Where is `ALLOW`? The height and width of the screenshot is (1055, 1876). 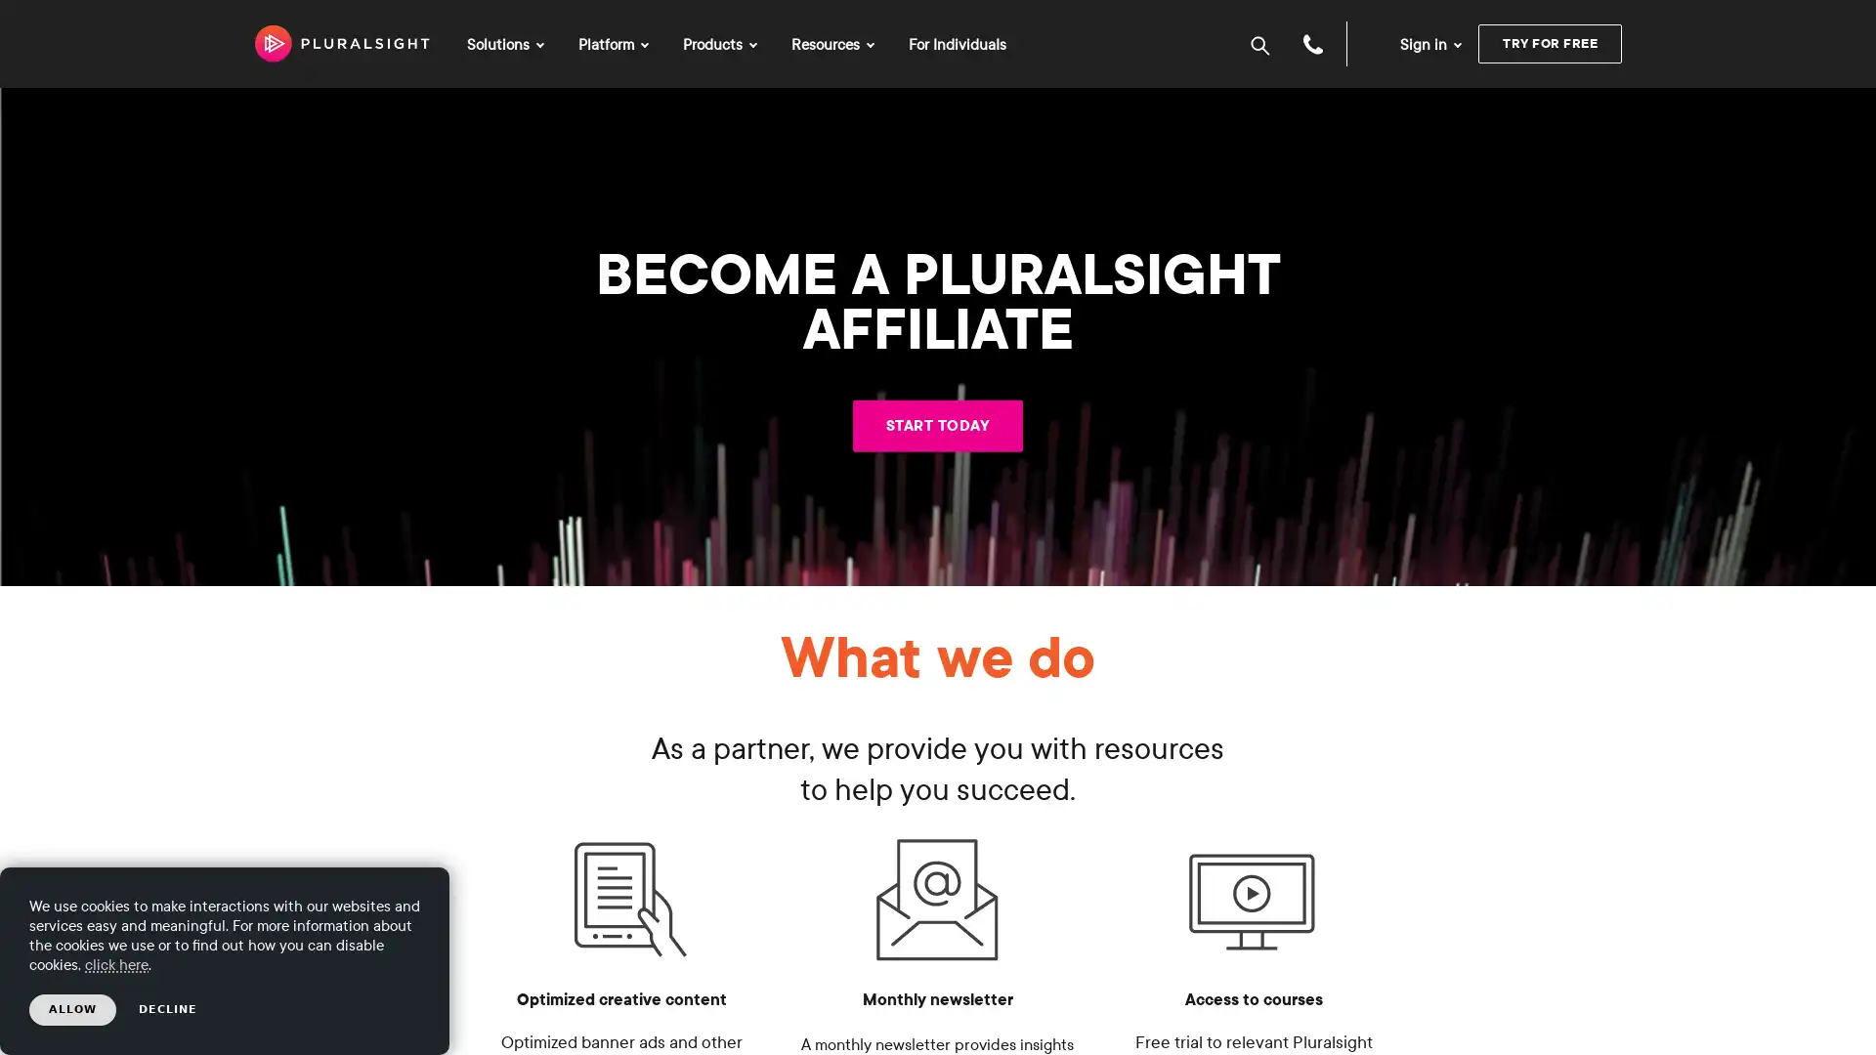
ALLOW is located at coordinates (72, 1009).